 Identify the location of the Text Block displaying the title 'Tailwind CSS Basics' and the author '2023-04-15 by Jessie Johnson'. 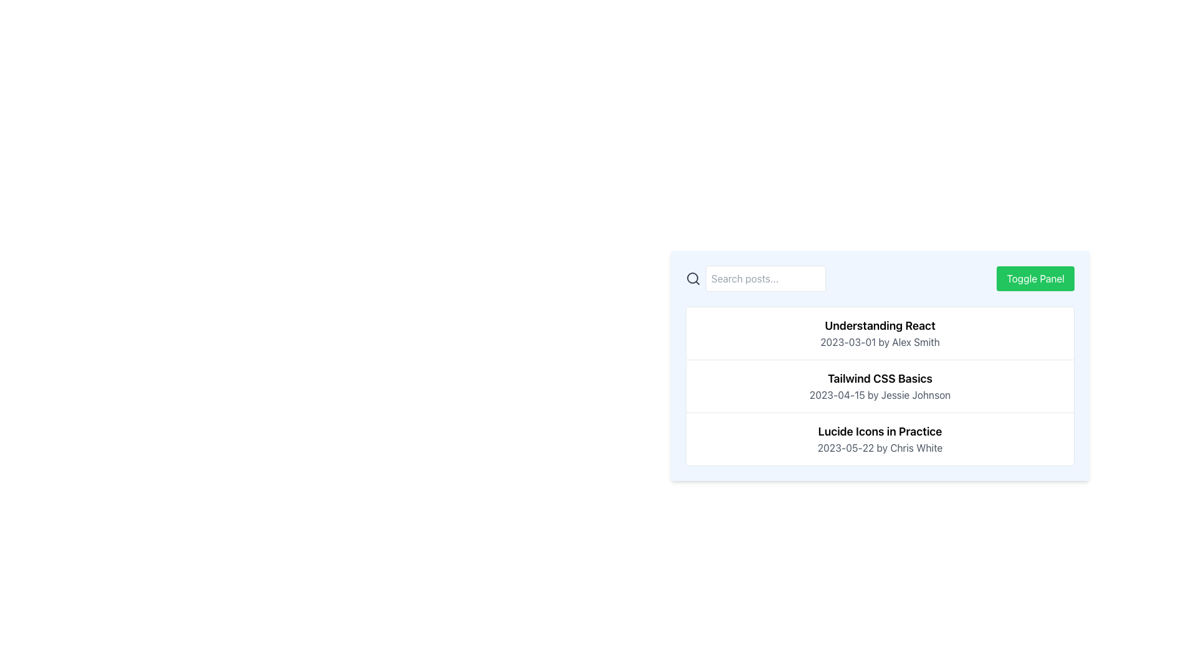
(879, 385).